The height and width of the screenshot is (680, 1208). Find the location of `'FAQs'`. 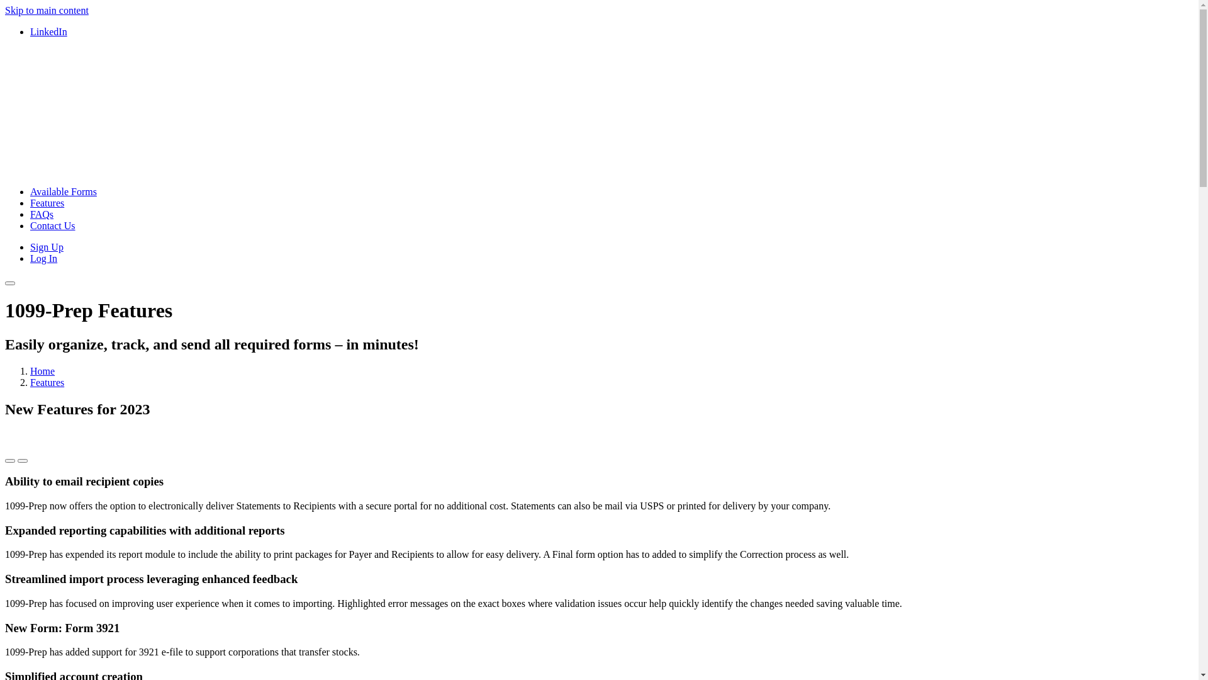

'FAQs' is located at coordinates (42, 213).